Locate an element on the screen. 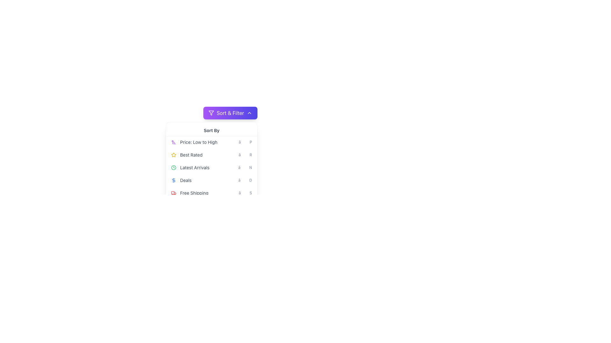  the third entry in the 'Sort By' dropdown menu, which allows users to sort items by their most recent arrivals is located at coordinates (212, 170).